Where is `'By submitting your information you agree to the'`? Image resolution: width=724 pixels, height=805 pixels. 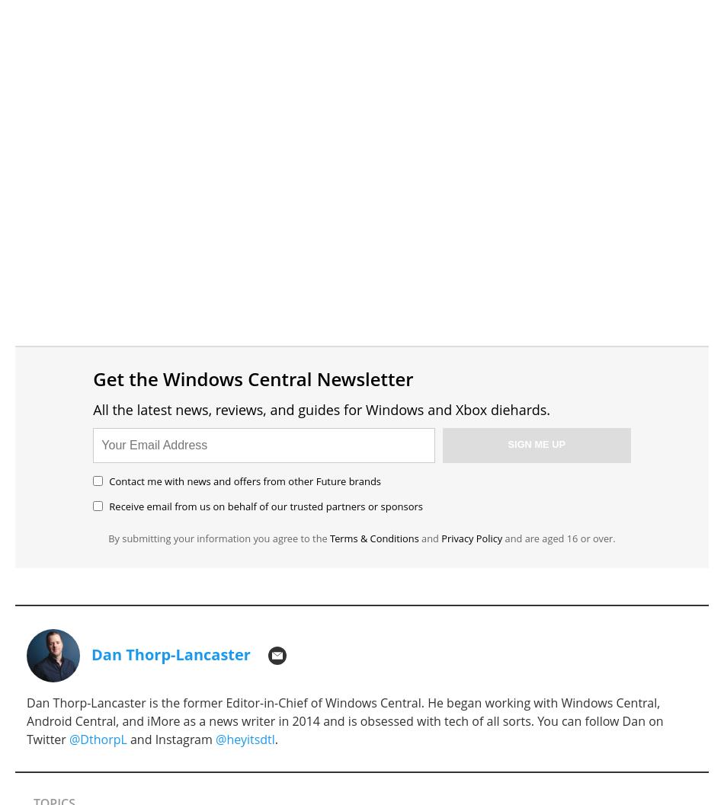 'By submitting your information you agree to the' is located at coordinates (218, 536).